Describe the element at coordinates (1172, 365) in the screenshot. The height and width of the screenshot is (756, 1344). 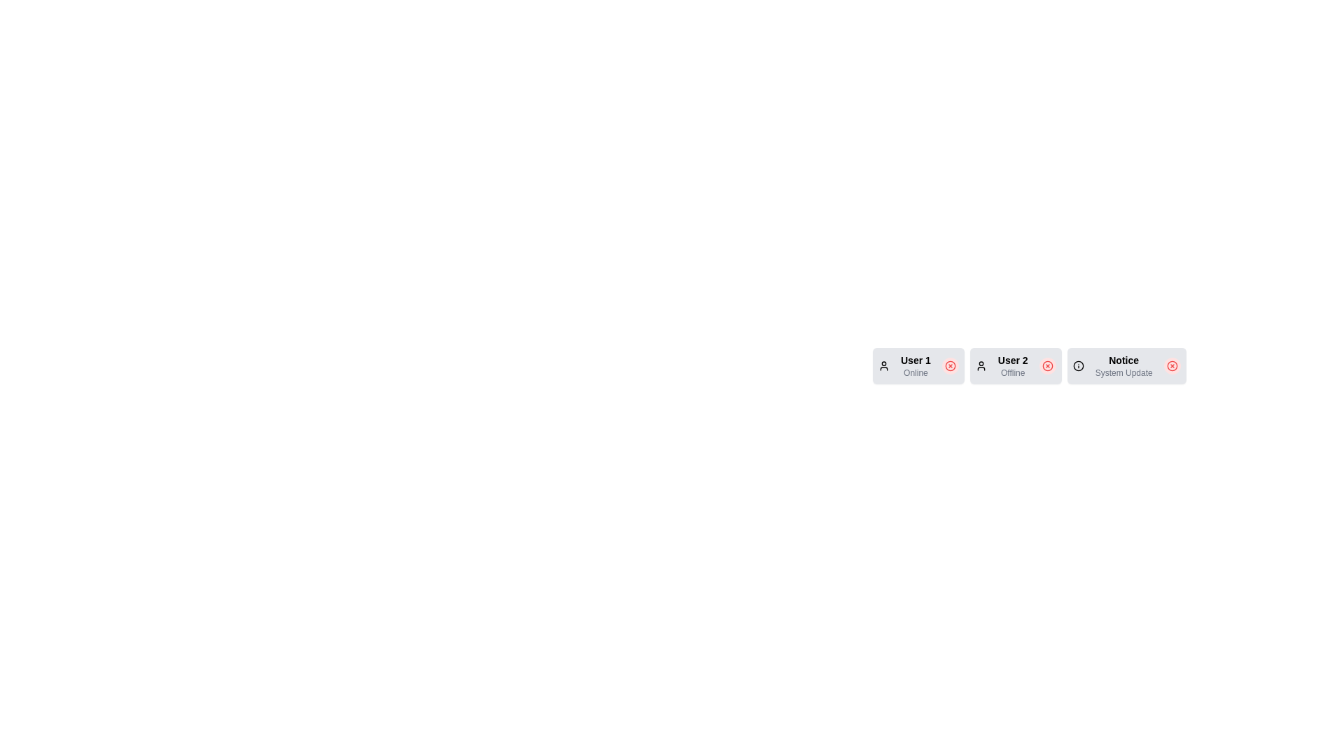
I see `delete button for the chip labeled Notice` at that location.